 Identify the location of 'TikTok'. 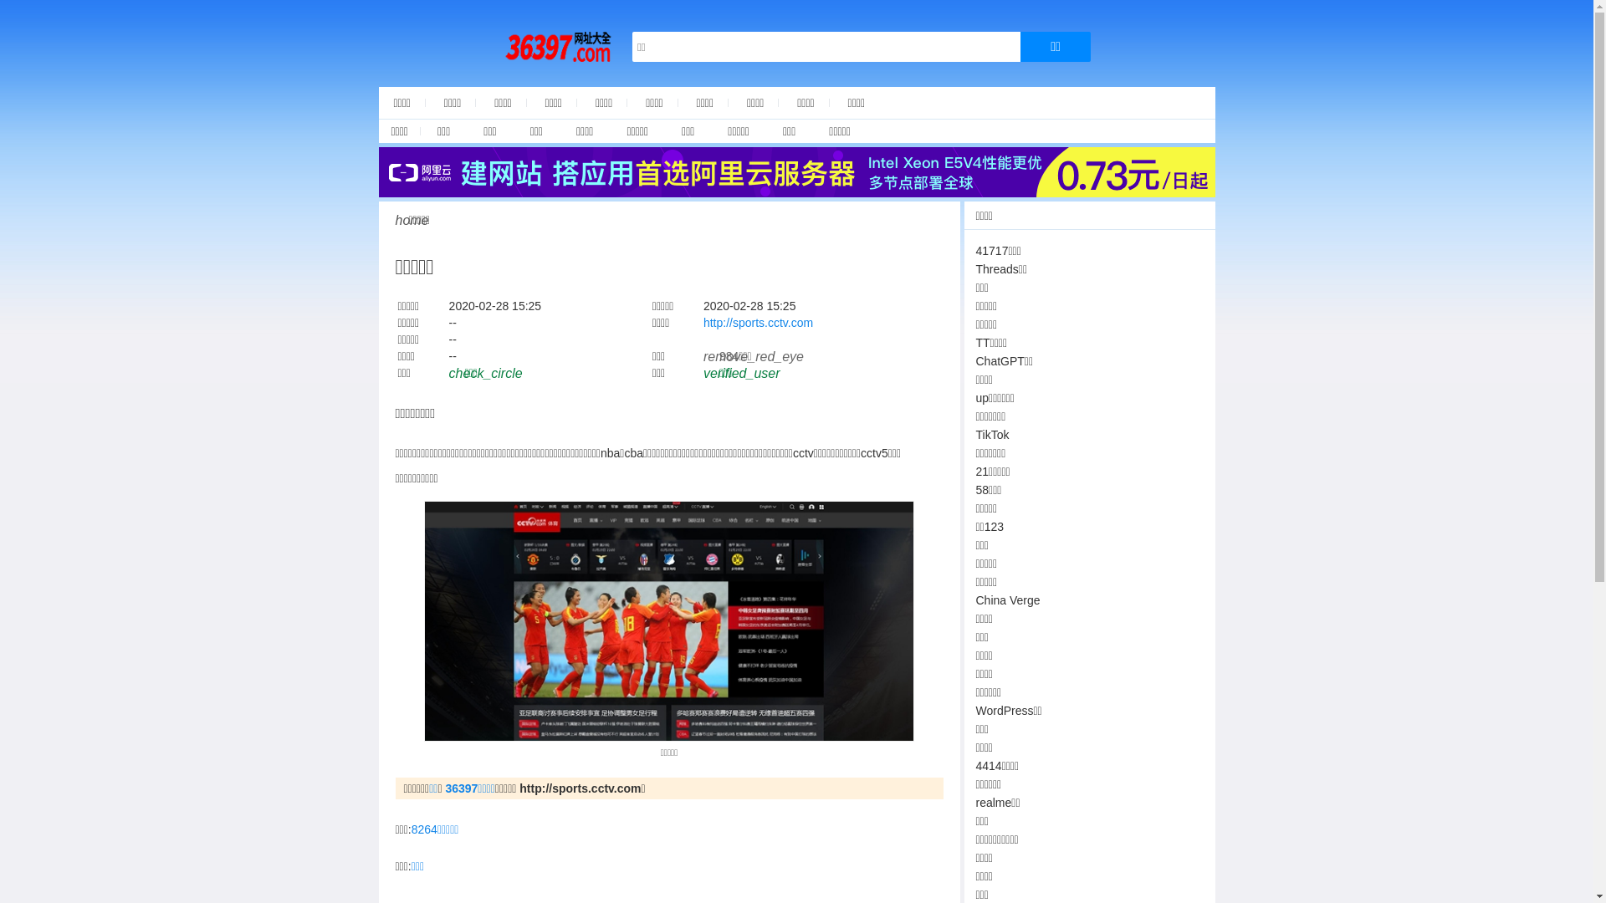
(991, 434).